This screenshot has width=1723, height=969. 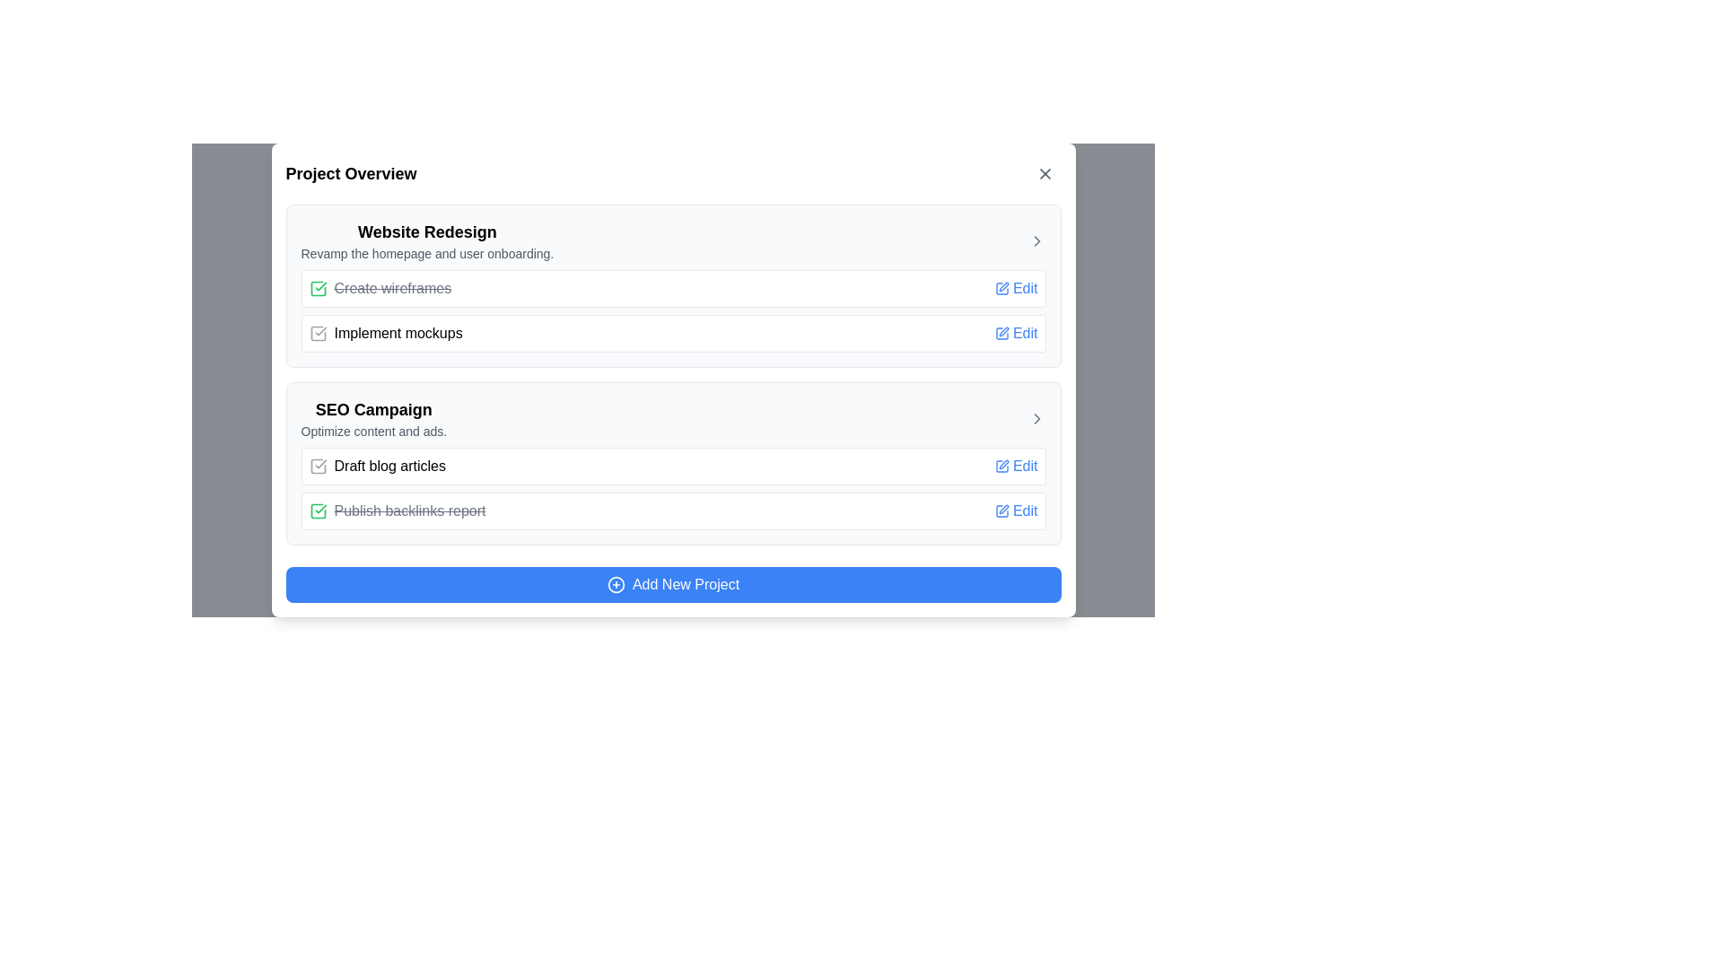 What do you see at coordinates (1016, 511) in the screenshot?
I see `the 'Edit' text link styled in blue with an accompanying pen icon to underline it` at bounding box center [1016, 511].